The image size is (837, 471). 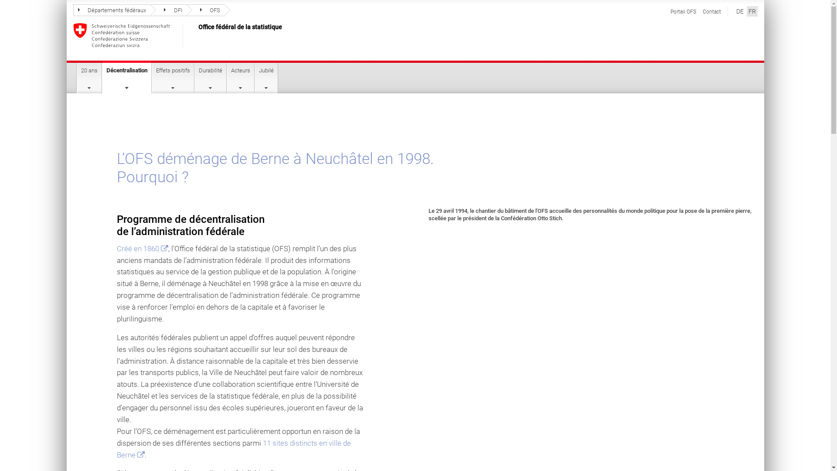 What do you see at coordinates (173, 77) in the screenshot?
I see `'Effets positifs'` at bounding box center [173, 77].